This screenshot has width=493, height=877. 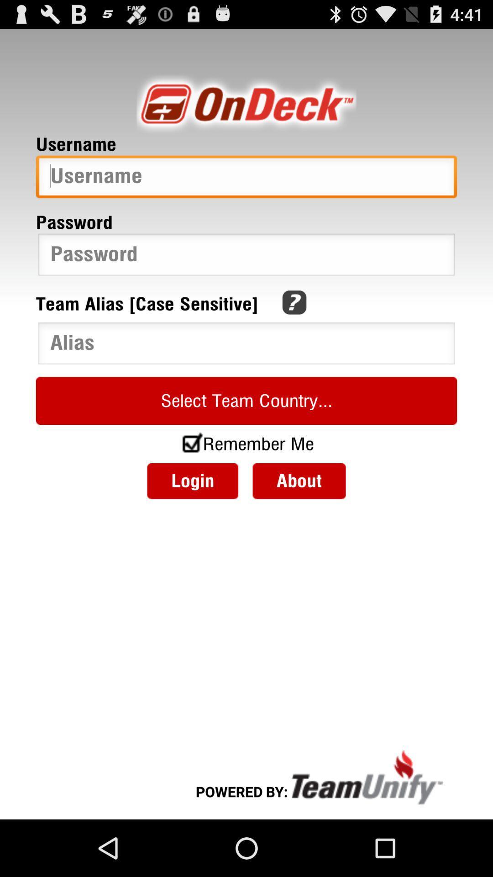 What do you see at coordinates (294, 302) in the screenshot?
I see `get help` at bounding box center [294, 302].